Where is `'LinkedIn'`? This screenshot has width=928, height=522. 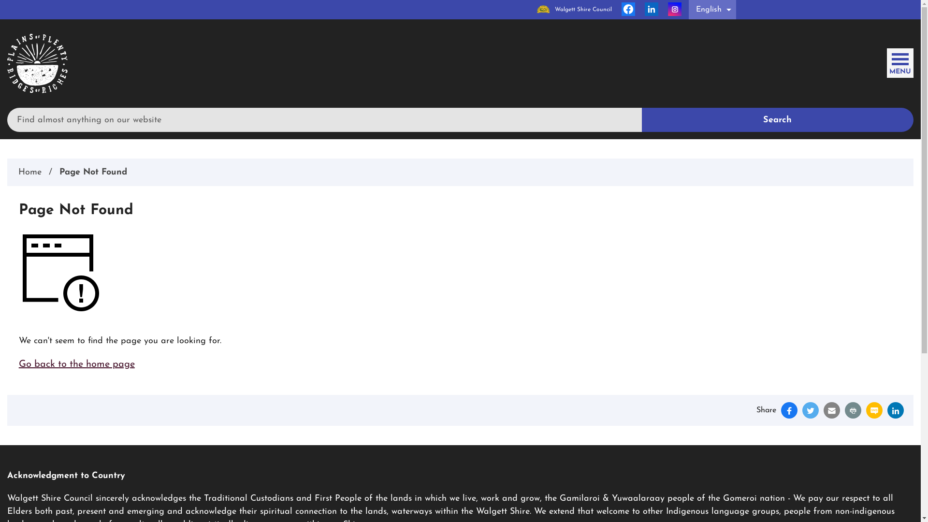
'LinkedIn' is located at coordinates (652, 9).